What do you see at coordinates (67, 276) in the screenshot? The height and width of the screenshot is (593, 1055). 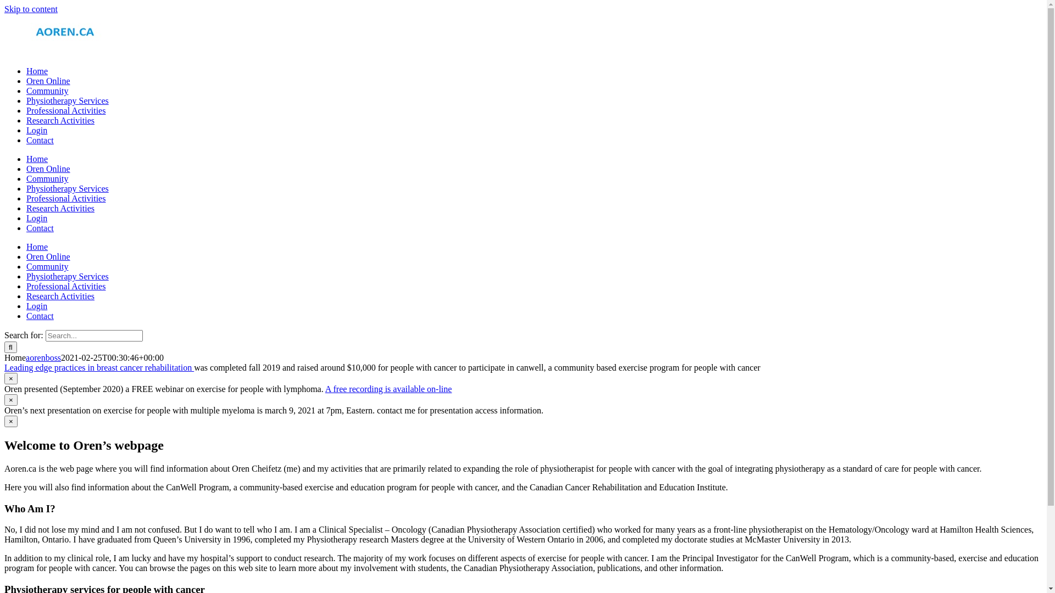 I see `'Physiotherapy Services'` at bounding box center [67, 276].